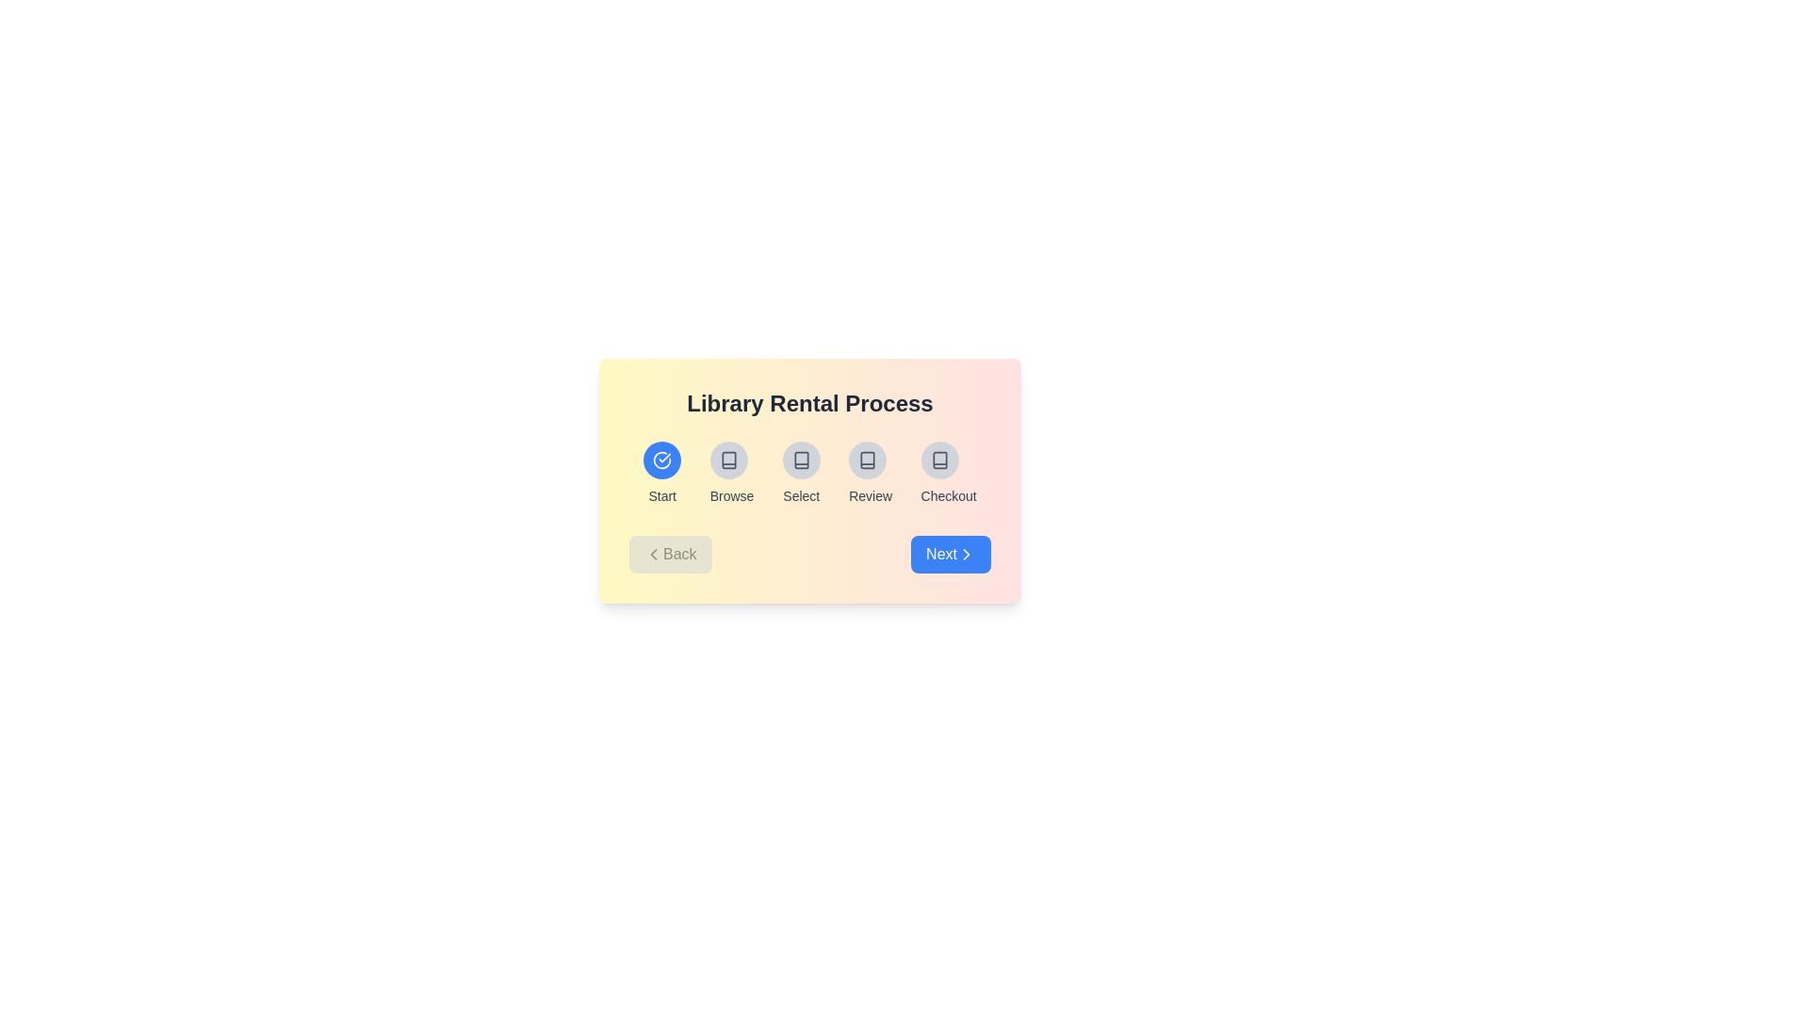 Image resolution: width=1809 pixels, height=1017 pixels. What do you see at coordinates (662, 460) in the screenshot?
I see `the visual representation of the current stage to inspect it` at bounding box center [662, 460].